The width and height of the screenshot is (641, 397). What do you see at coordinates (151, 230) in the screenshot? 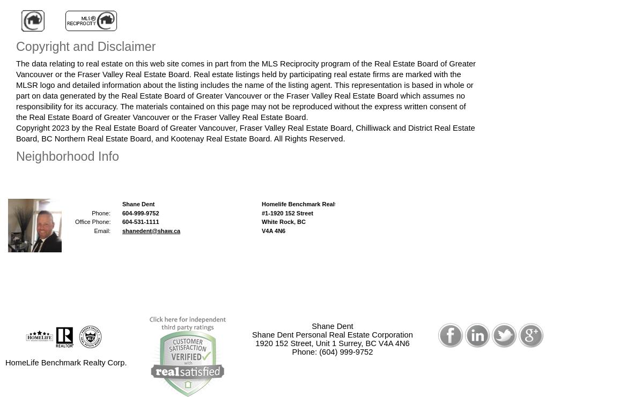
I see `'shanedent@shaw.ca'` at bounding box center [151, 230].